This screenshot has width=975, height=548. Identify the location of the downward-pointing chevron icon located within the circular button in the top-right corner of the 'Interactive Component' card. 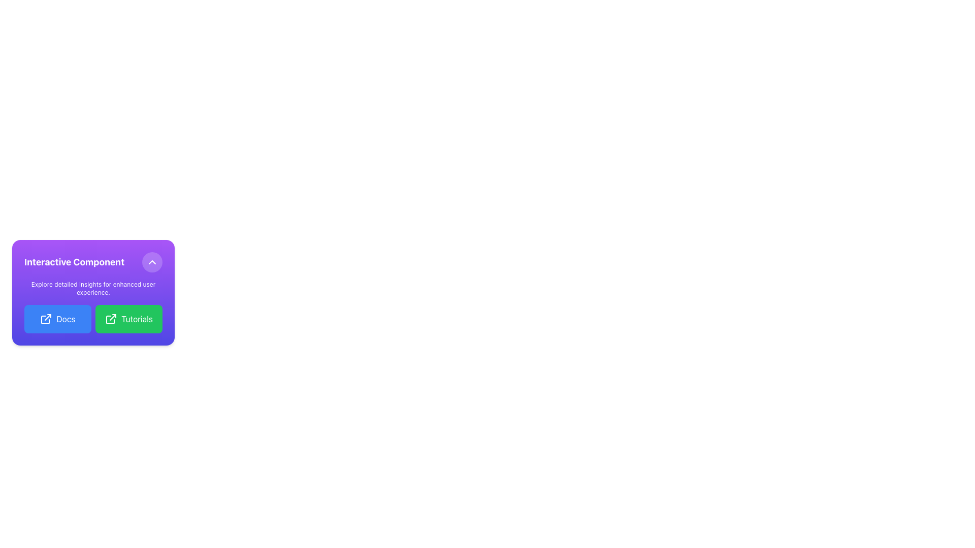
(151, 261).